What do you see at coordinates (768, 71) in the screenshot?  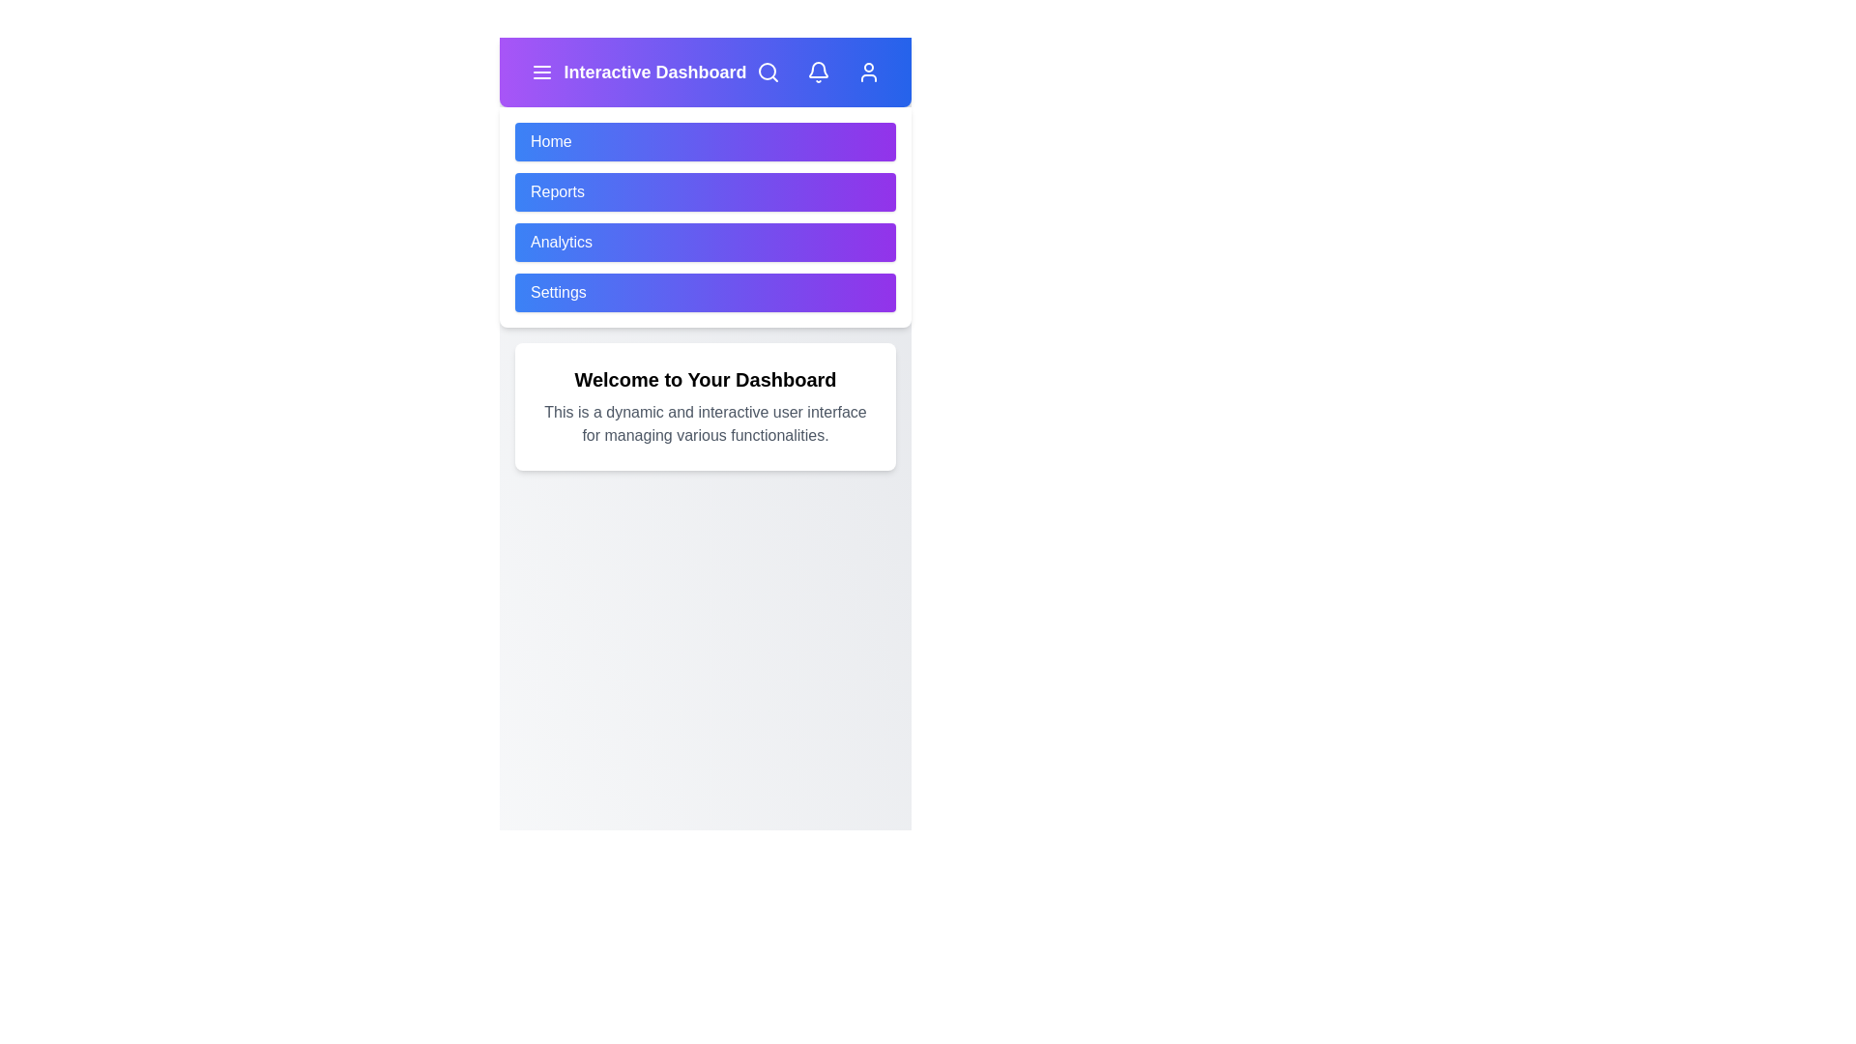 I see `the search button to initiate a search` at bounding box center [768, 71].